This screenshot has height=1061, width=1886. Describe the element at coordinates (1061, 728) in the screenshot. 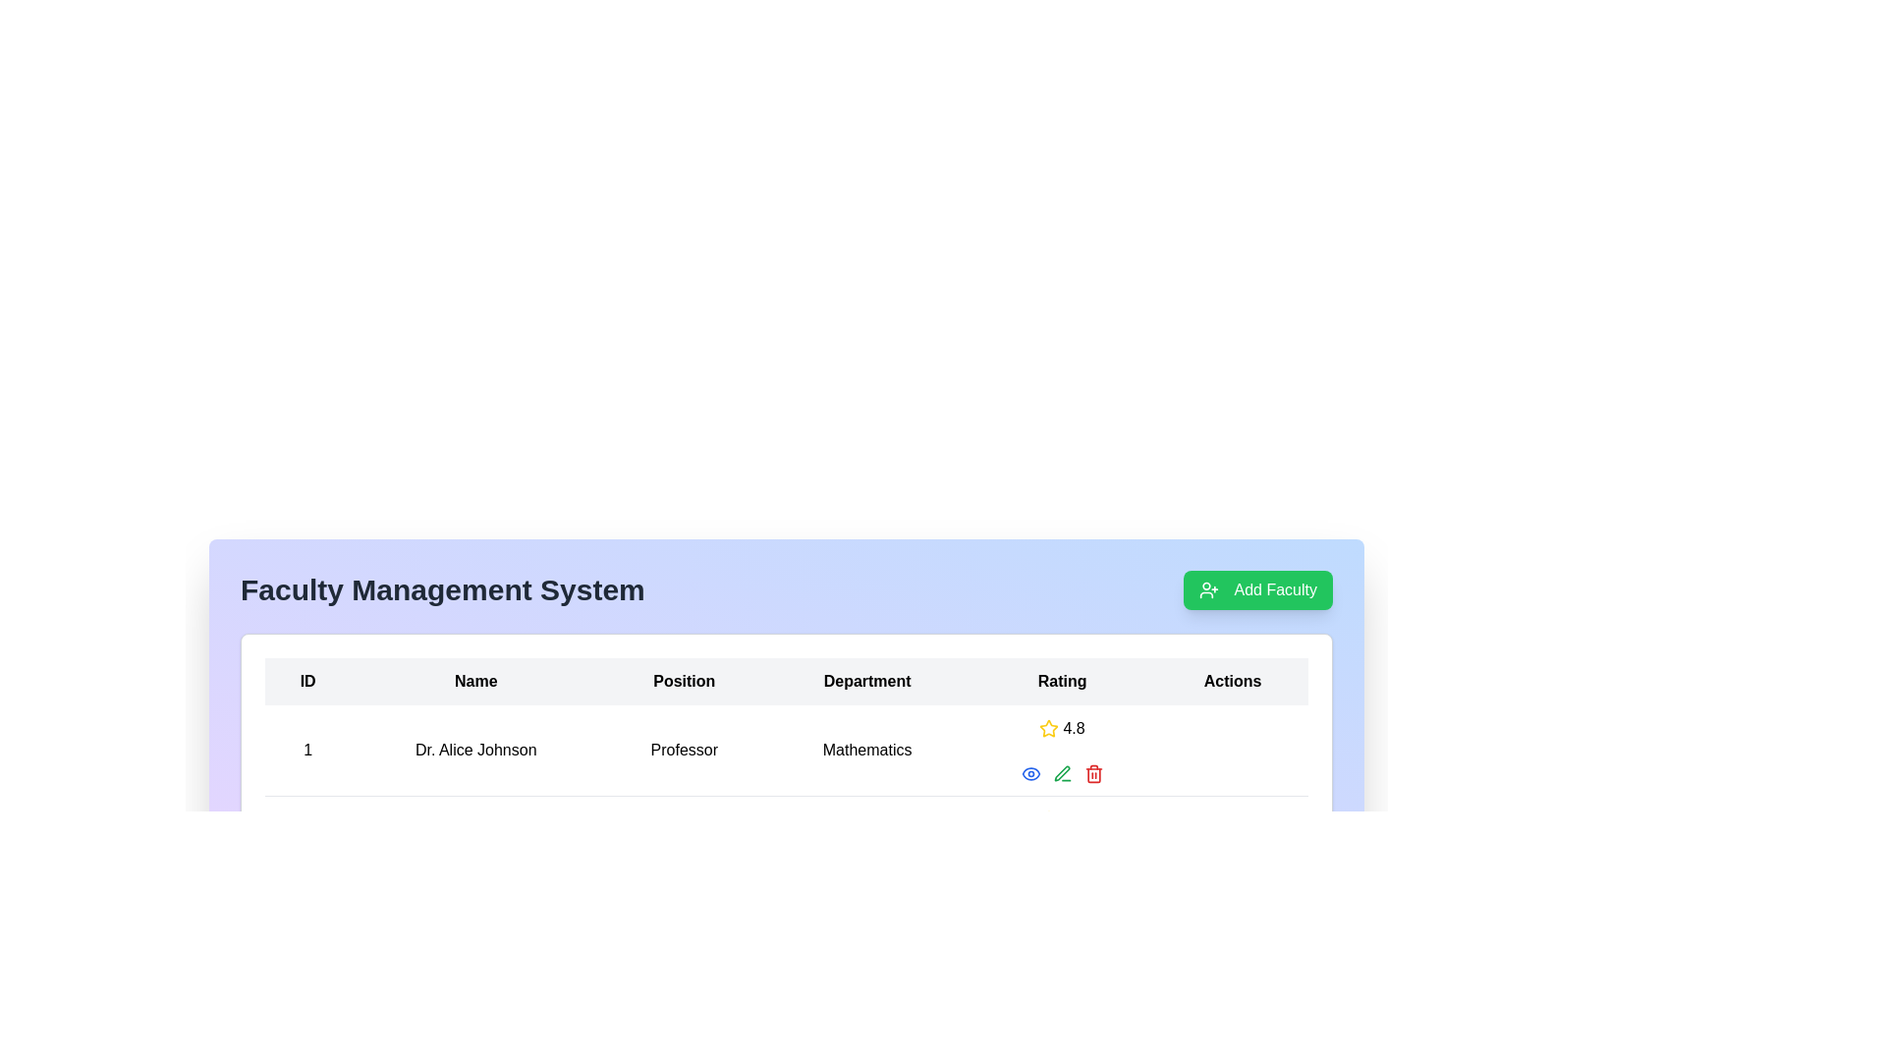

I see `the rating display unit showing a filled yellow star and the text '4.8', which is located in the 'Rating' column adjacent to the 'Mathematics' department` at that location.